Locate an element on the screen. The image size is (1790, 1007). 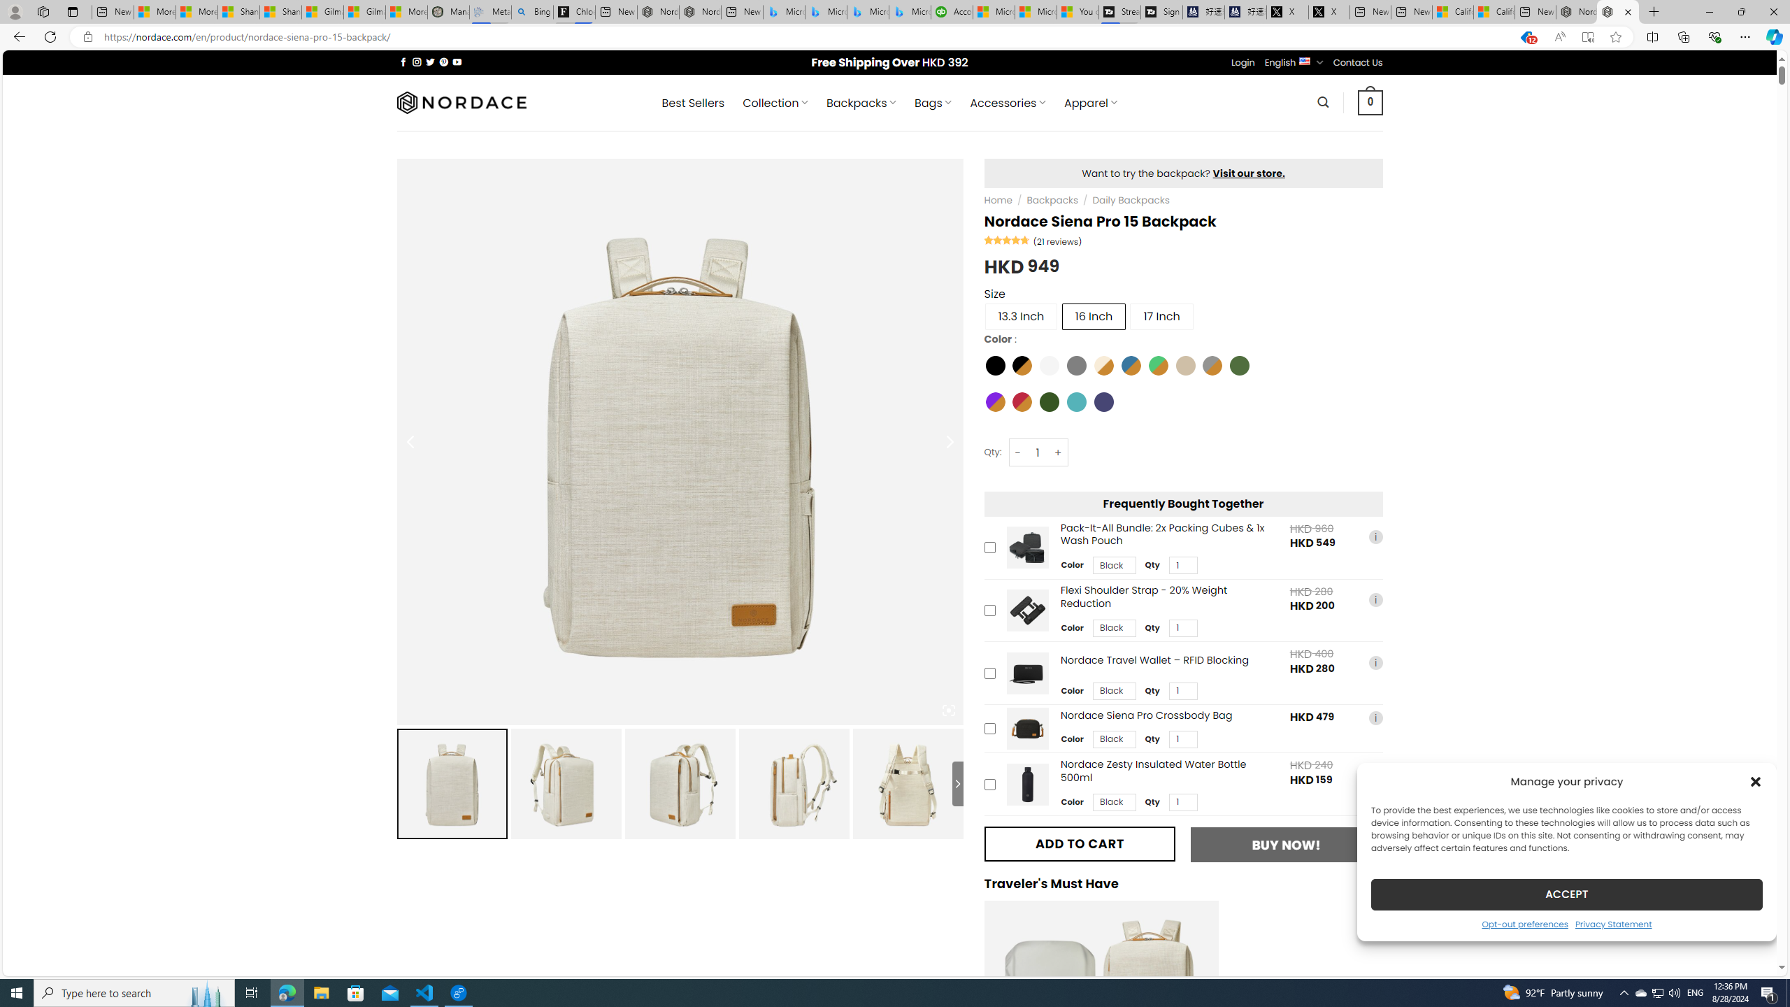
'  0  ' is located at coordinates (1370, 101).